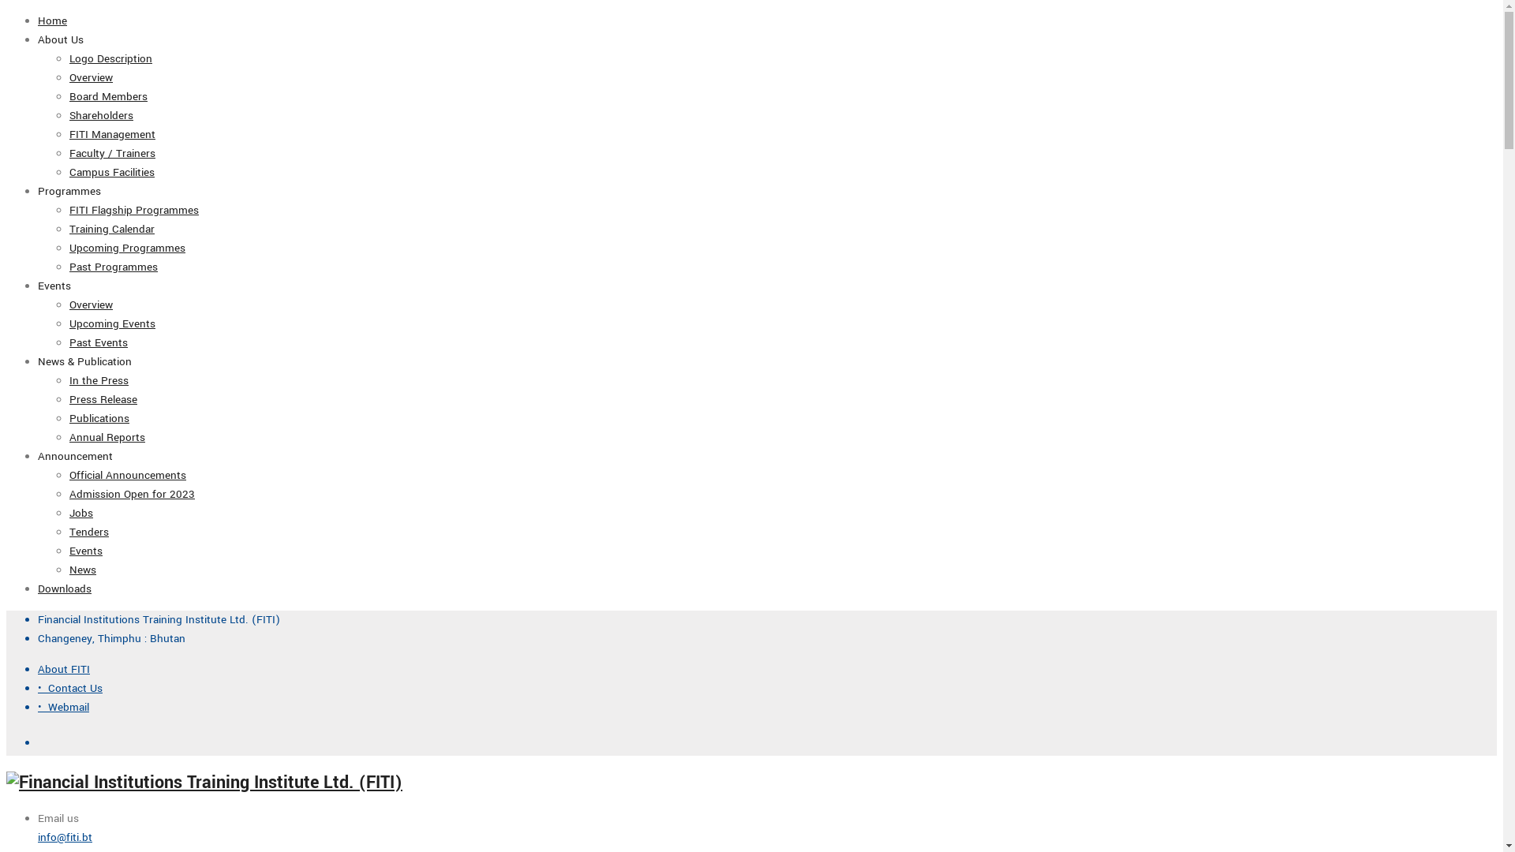 The image size is (1515, 852). What do you see at coordinates (74, 456) in the screenshot?
I see `'Announcement'` at bounding box center [74, 456].